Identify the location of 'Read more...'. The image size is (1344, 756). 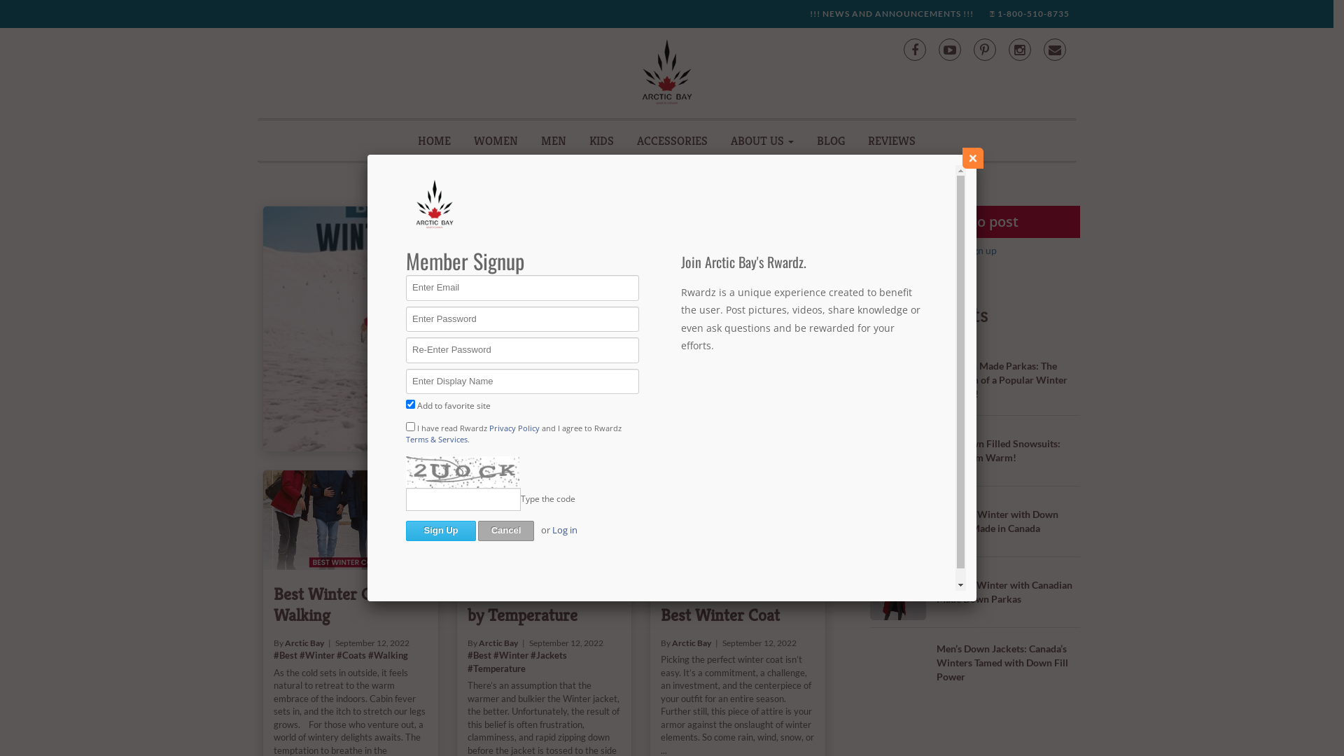
(618, 358).